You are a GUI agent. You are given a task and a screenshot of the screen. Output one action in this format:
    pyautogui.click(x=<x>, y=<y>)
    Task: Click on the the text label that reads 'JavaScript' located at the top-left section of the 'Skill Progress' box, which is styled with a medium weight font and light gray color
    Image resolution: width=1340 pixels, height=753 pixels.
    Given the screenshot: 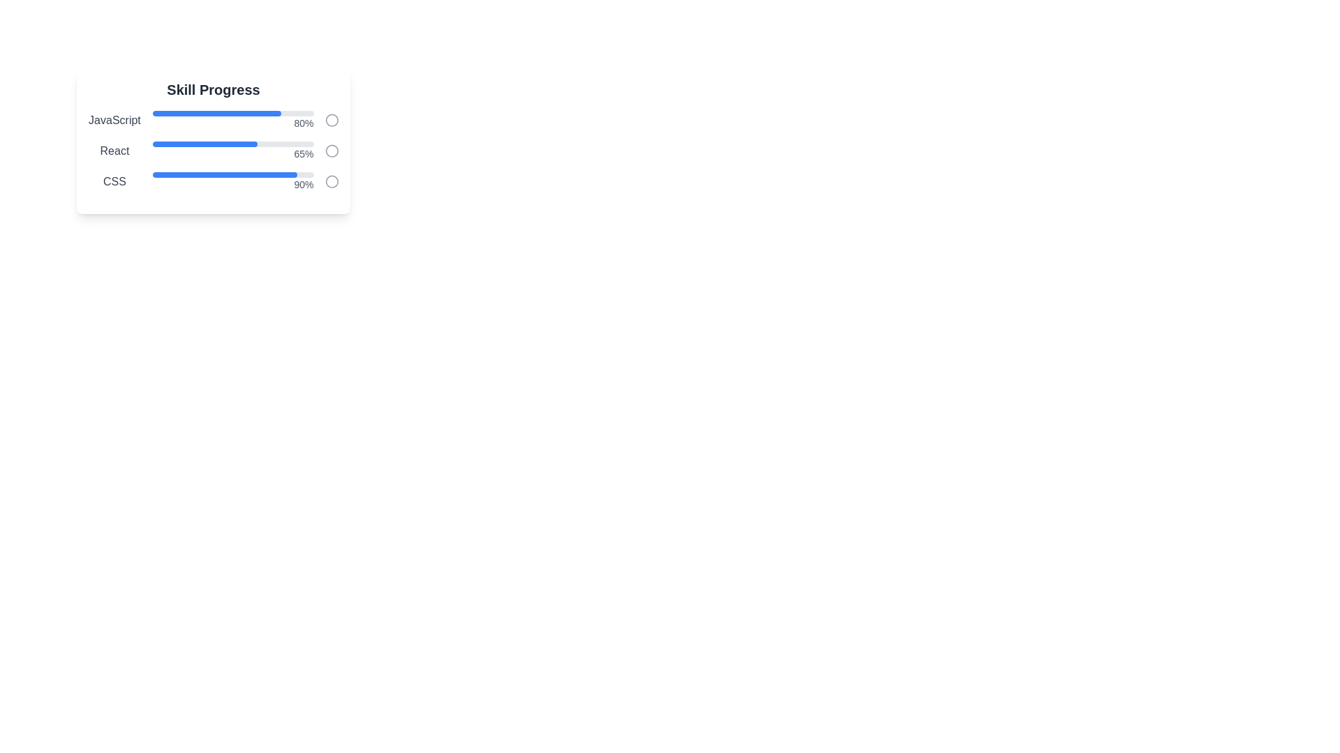 What is the action you would take?
    pyautogui.click(x=114, y=120)
    